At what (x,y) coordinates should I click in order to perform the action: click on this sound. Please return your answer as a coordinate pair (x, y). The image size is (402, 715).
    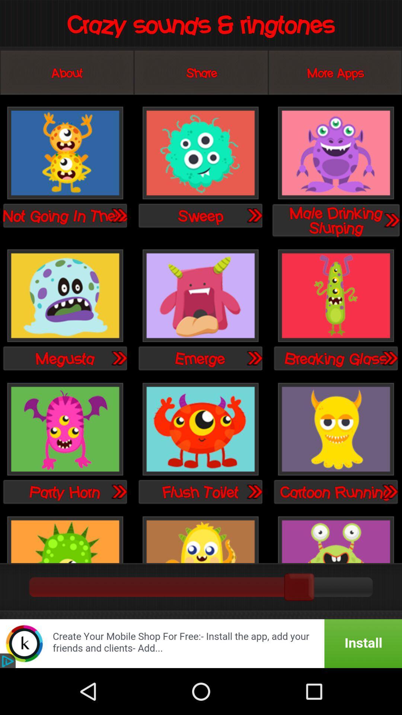
    Looking at the image, I should click on (200, 538).